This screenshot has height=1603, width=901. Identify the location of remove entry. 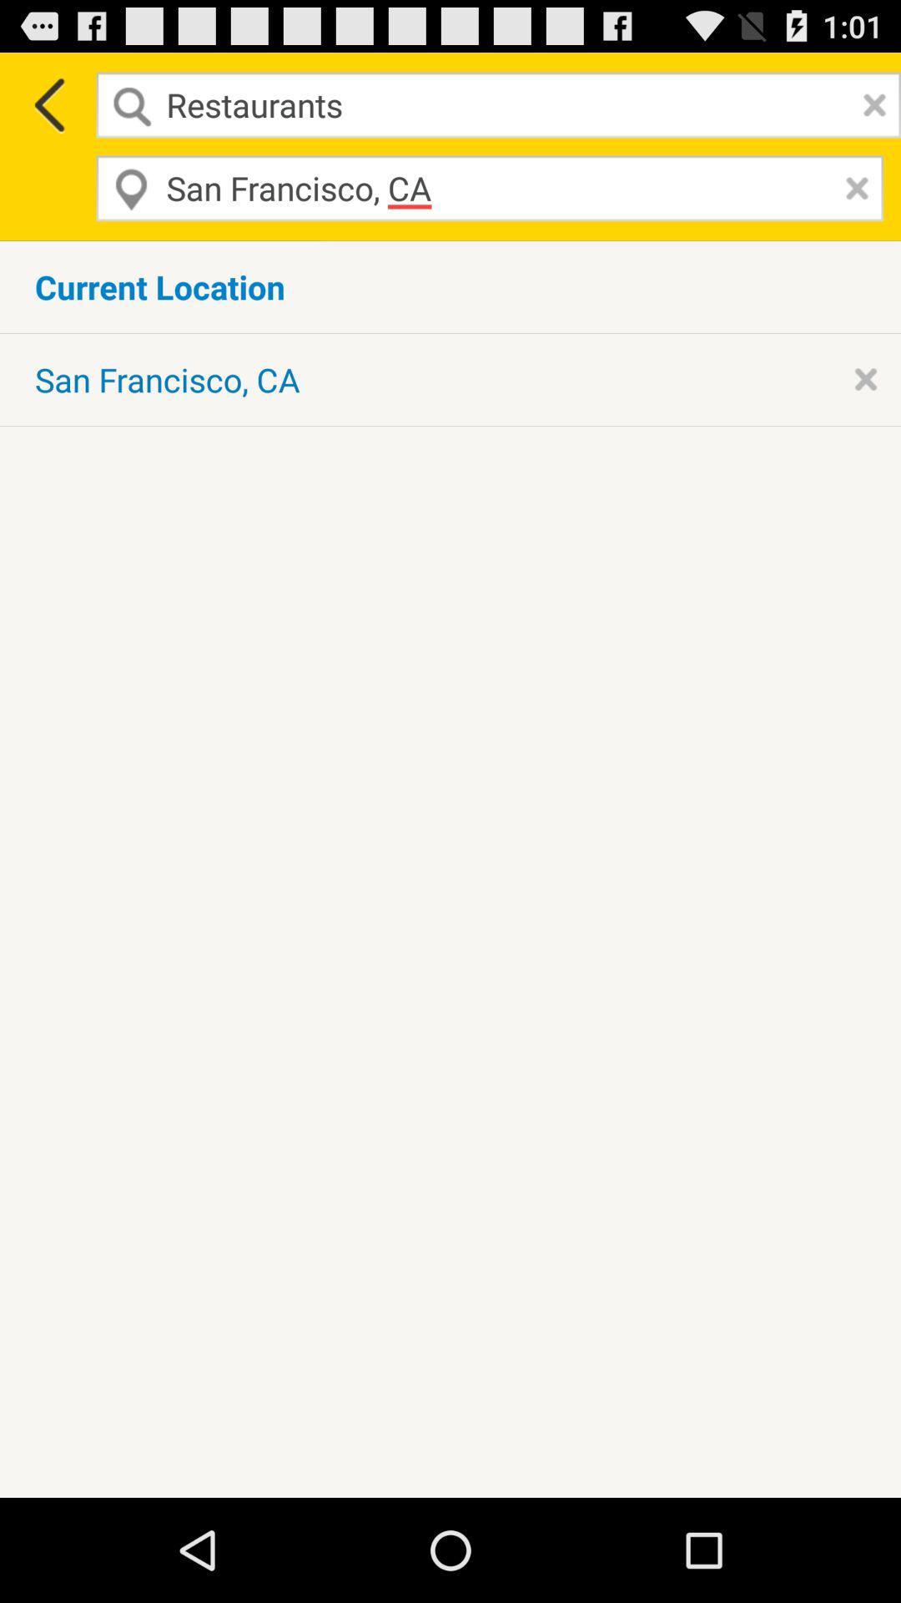
(853, 188).